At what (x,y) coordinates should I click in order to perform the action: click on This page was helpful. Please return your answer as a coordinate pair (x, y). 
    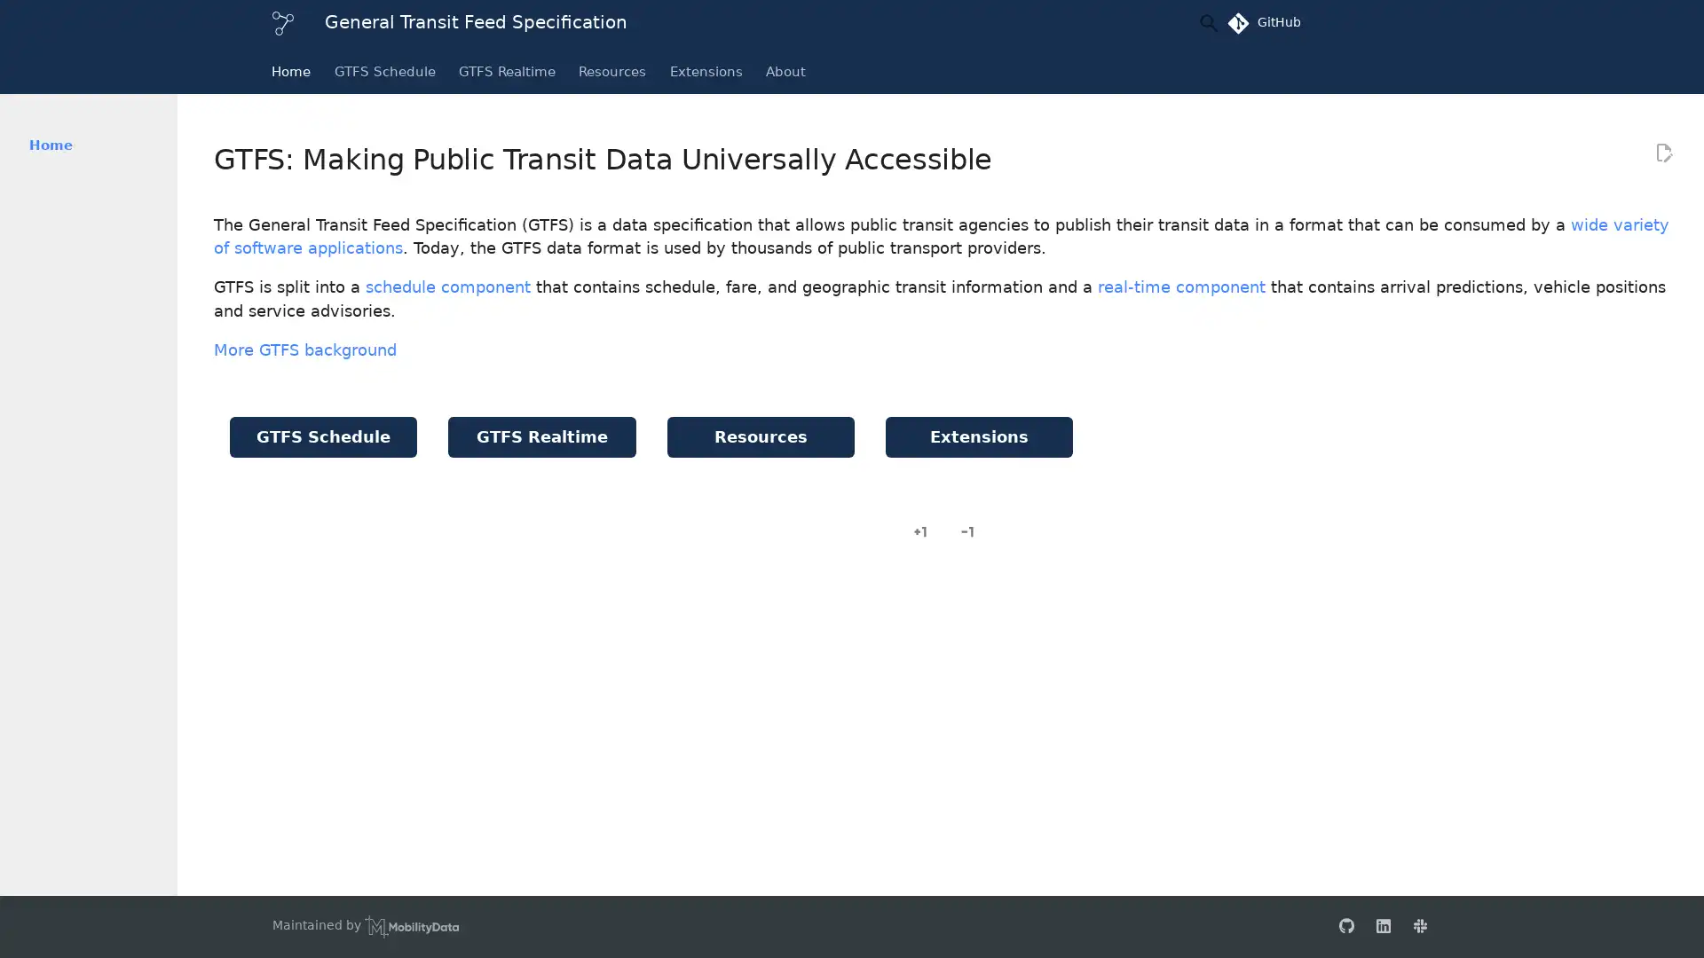
    Looking at the image, I should click on (920, 530).